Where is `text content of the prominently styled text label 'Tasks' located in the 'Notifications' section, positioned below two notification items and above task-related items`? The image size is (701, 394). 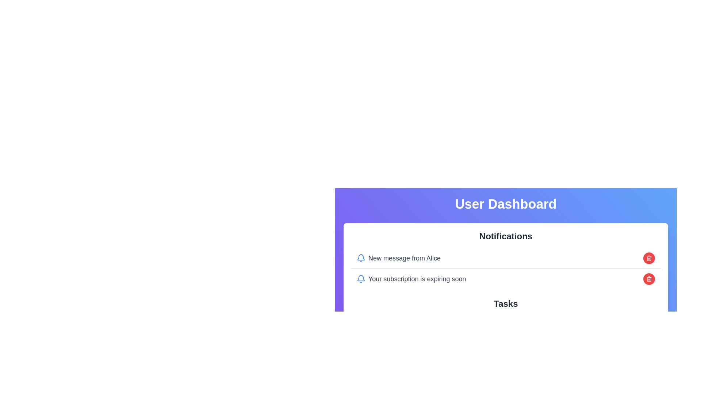
text content of the prominently styled text label 'Tasks' located in the 'Notifications' section, positioned below two notification items and above task-related items is located at coordinates (505, 304).